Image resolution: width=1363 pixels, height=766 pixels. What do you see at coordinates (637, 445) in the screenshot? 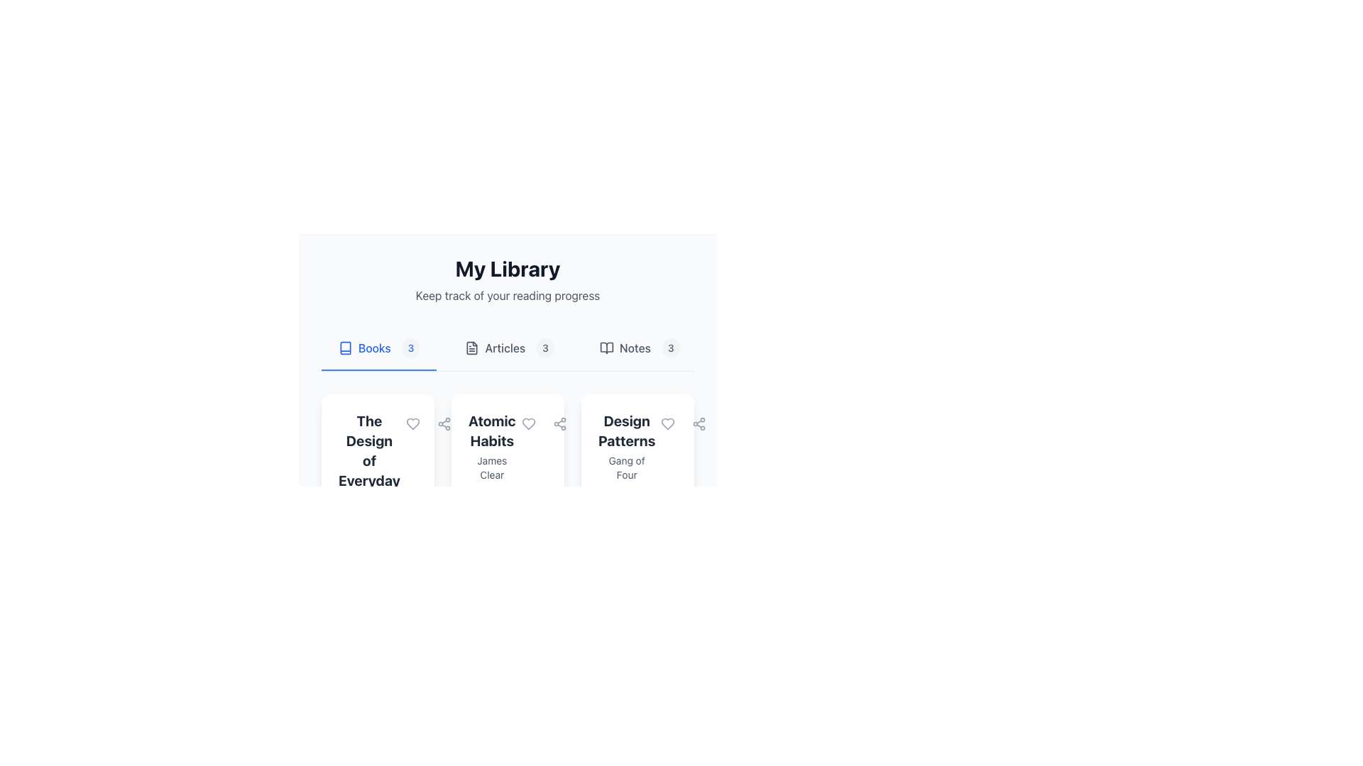
I see `the Text Block containing the title 'Design Patterns' and subtitle 'Gang of Four', which is located in the top section of a card-like layout, aligned towards the left edge` at bounding box center [637, 445].